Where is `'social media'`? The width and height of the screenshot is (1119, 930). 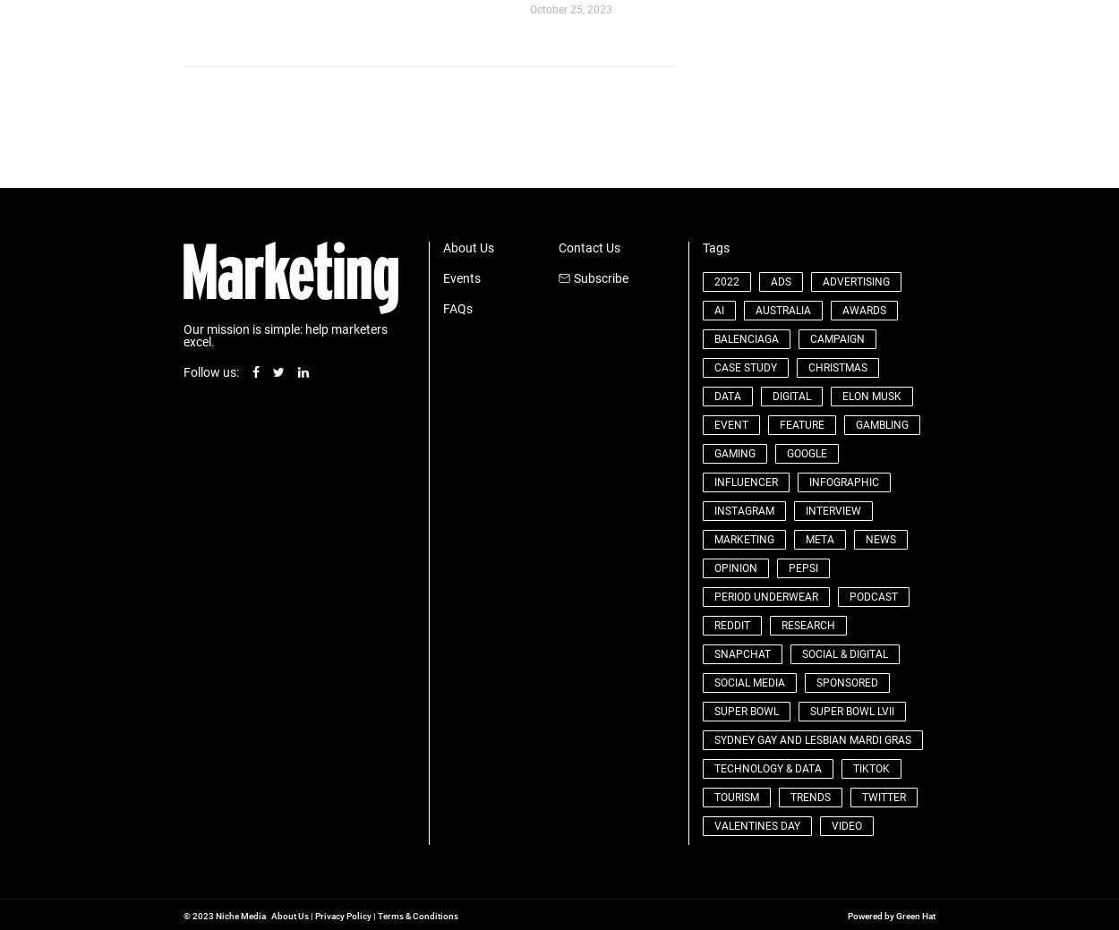
'social media' is located at coordinates (713, 681).